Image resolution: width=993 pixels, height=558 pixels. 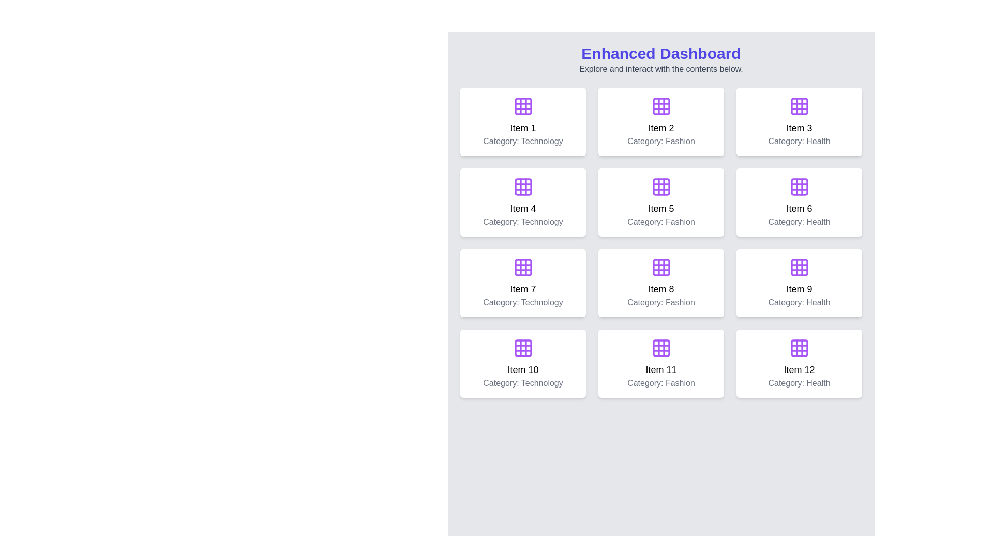 What do you see at coordinates (523, 141) in the screenshot?
I see `the 'Technology' text label located at the bottom of the first item card in the grid layout, directly below the 'Item 1' label and icon` at bounding box center [523, 141].